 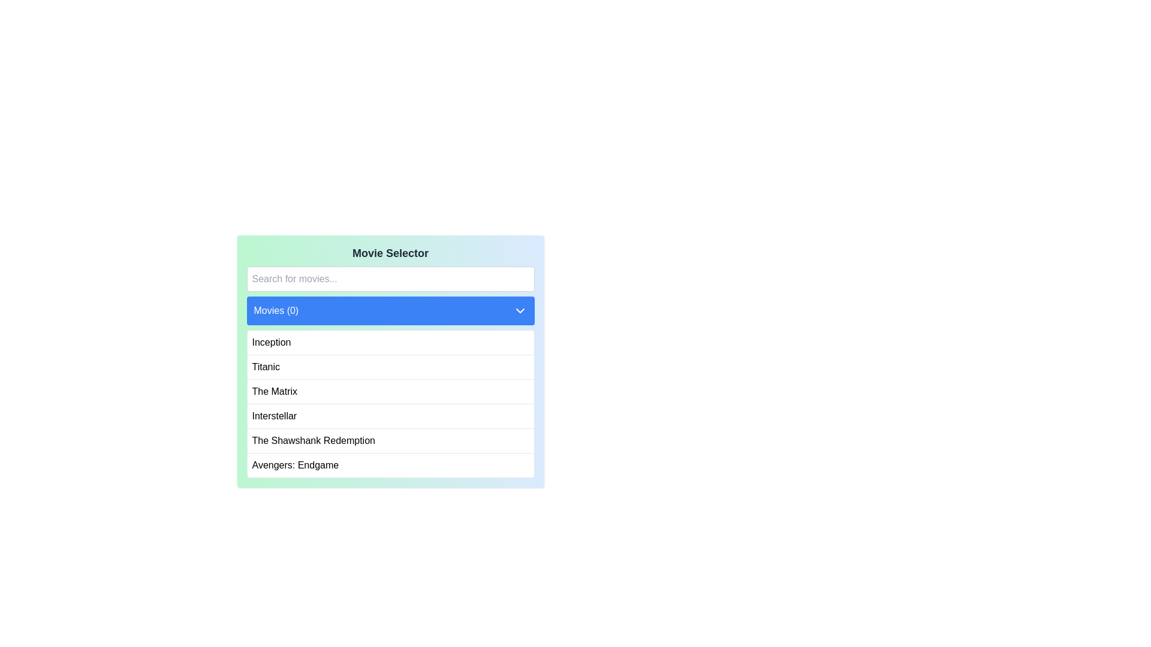 I want to click on the downward-pointing chevron icon located at the far right end of the 'Movies (0)' button, so click(x=520, y=310).